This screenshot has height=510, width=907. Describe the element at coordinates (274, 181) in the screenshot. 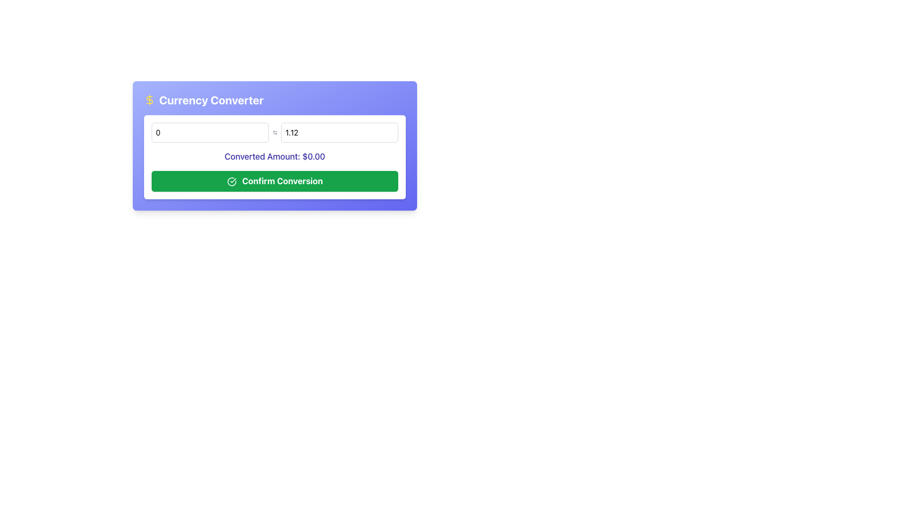

I see `the green 'Confirm Conversion' button with rounded corners that has white text and a checkmark icon` at that location.